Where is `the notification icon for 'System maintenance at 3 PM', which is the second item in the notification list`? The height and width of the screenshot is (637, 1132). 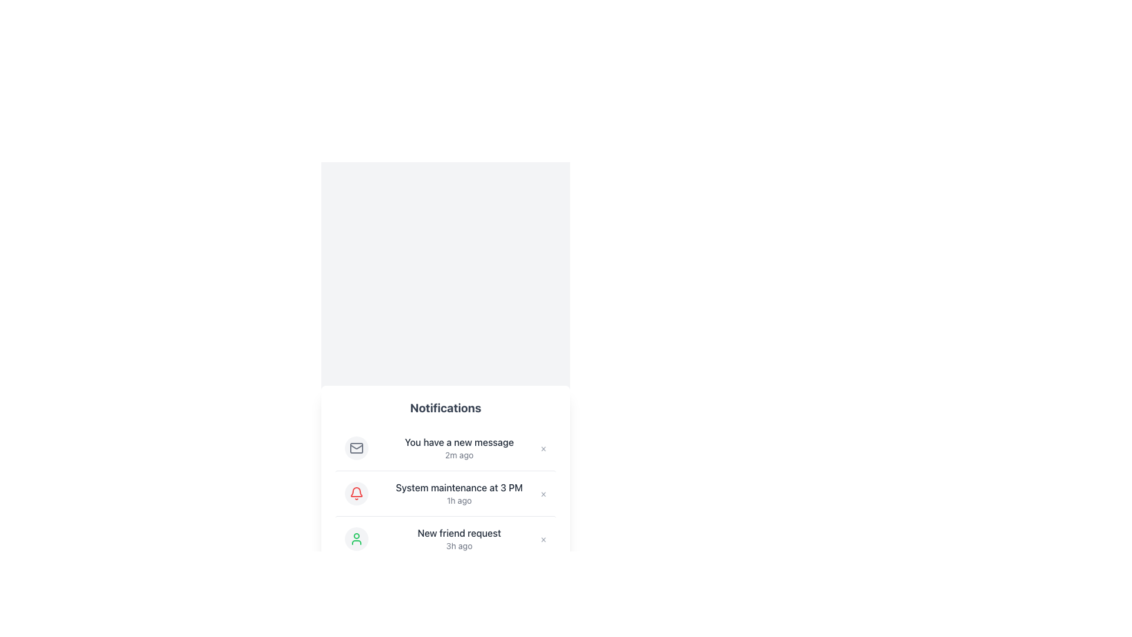 the notification icon for 'System maintenance at 3 PM', which is the second item in the notification list is located at coordinates (356, 494).